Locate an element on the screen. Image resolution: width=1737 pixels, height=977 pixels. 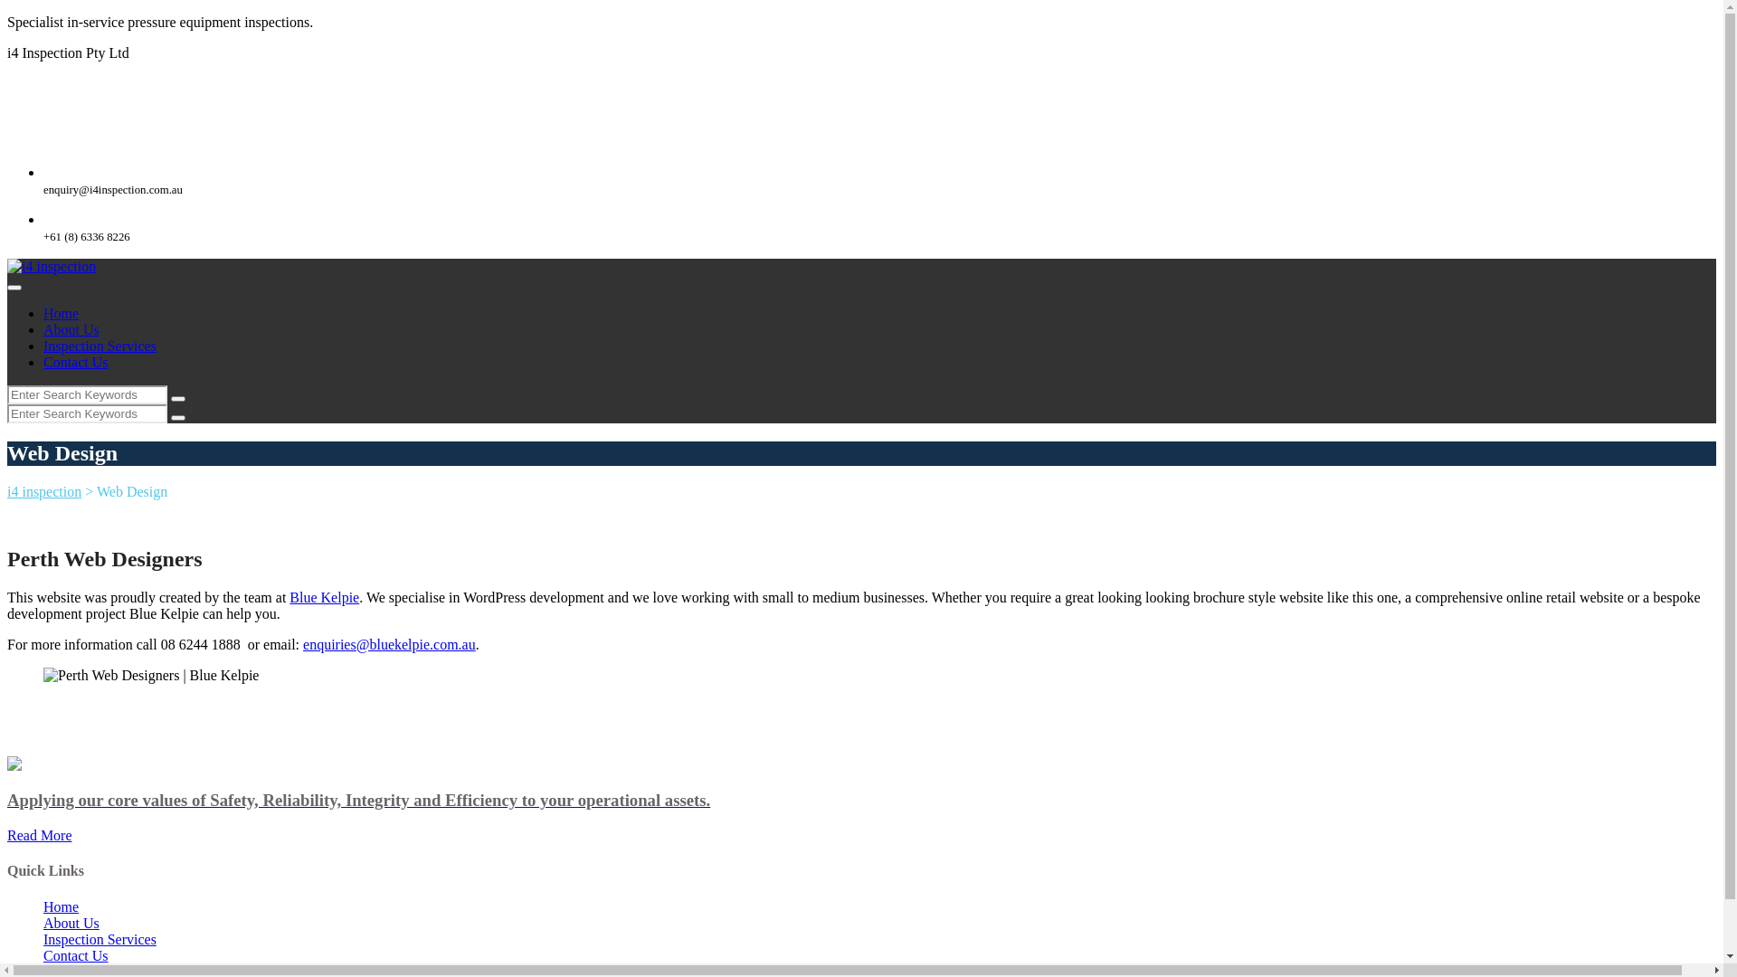
'About Us' is located at coordinates (71, 923).